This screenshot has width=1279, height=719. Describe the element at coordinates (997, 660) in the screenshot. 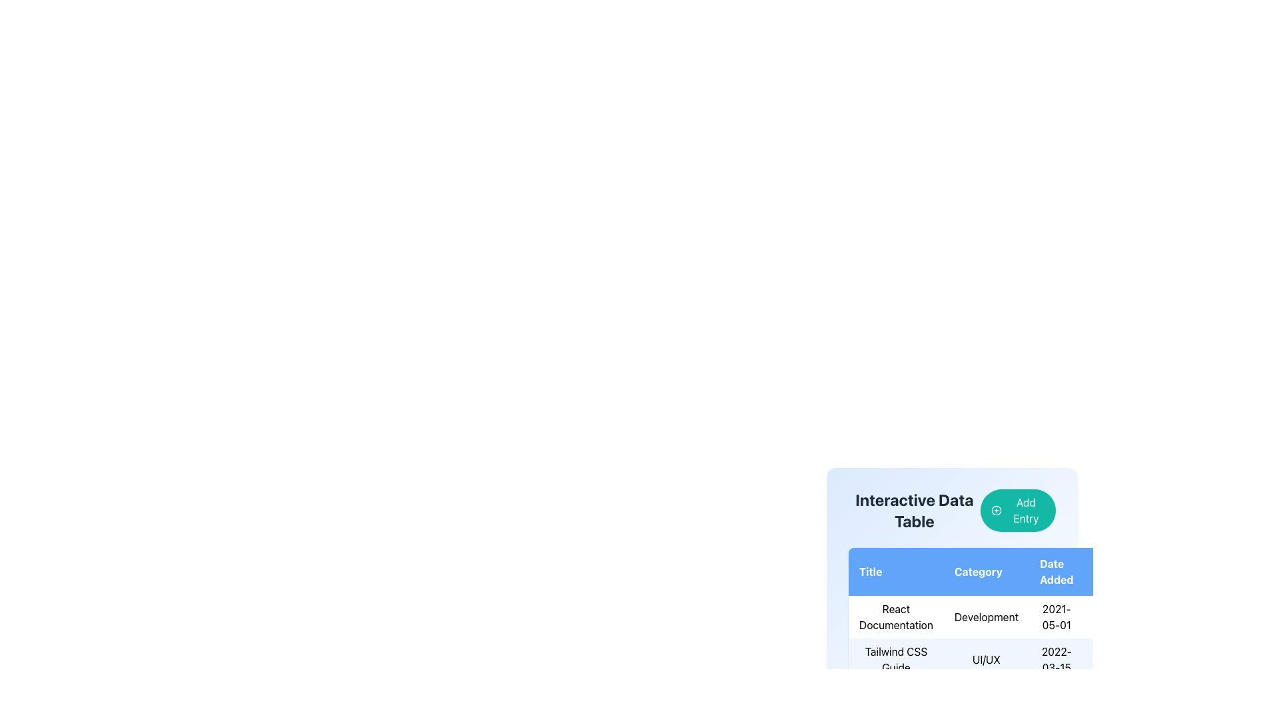

I see `the text label 'UI/UX' located` at that location.